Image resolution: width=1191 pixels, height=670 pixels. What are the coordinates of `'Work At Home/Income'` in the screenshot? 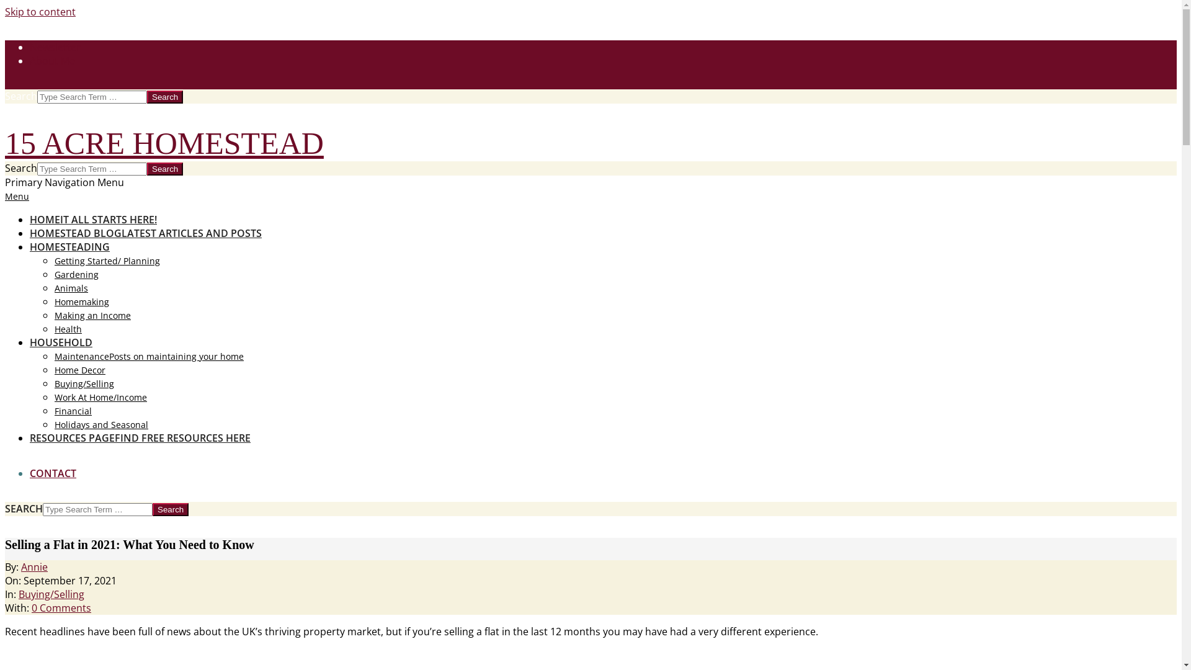 It's located at (100, 397).